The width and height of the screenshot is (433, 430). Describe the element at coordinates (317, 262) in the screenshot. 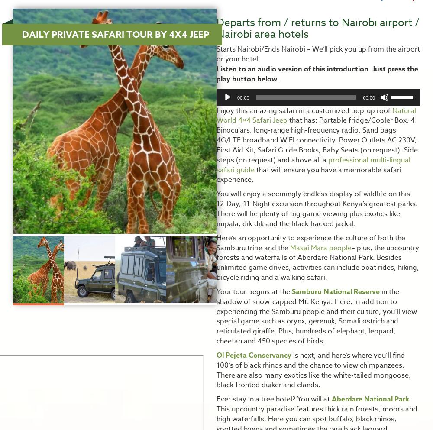

I see `'– plus, the upcountry forests and waterfalls of Aberdare National Park. Besides unlimited game drives, activities can include boat rides, hiking, bicycle riding and a walking safari.'` at that location.